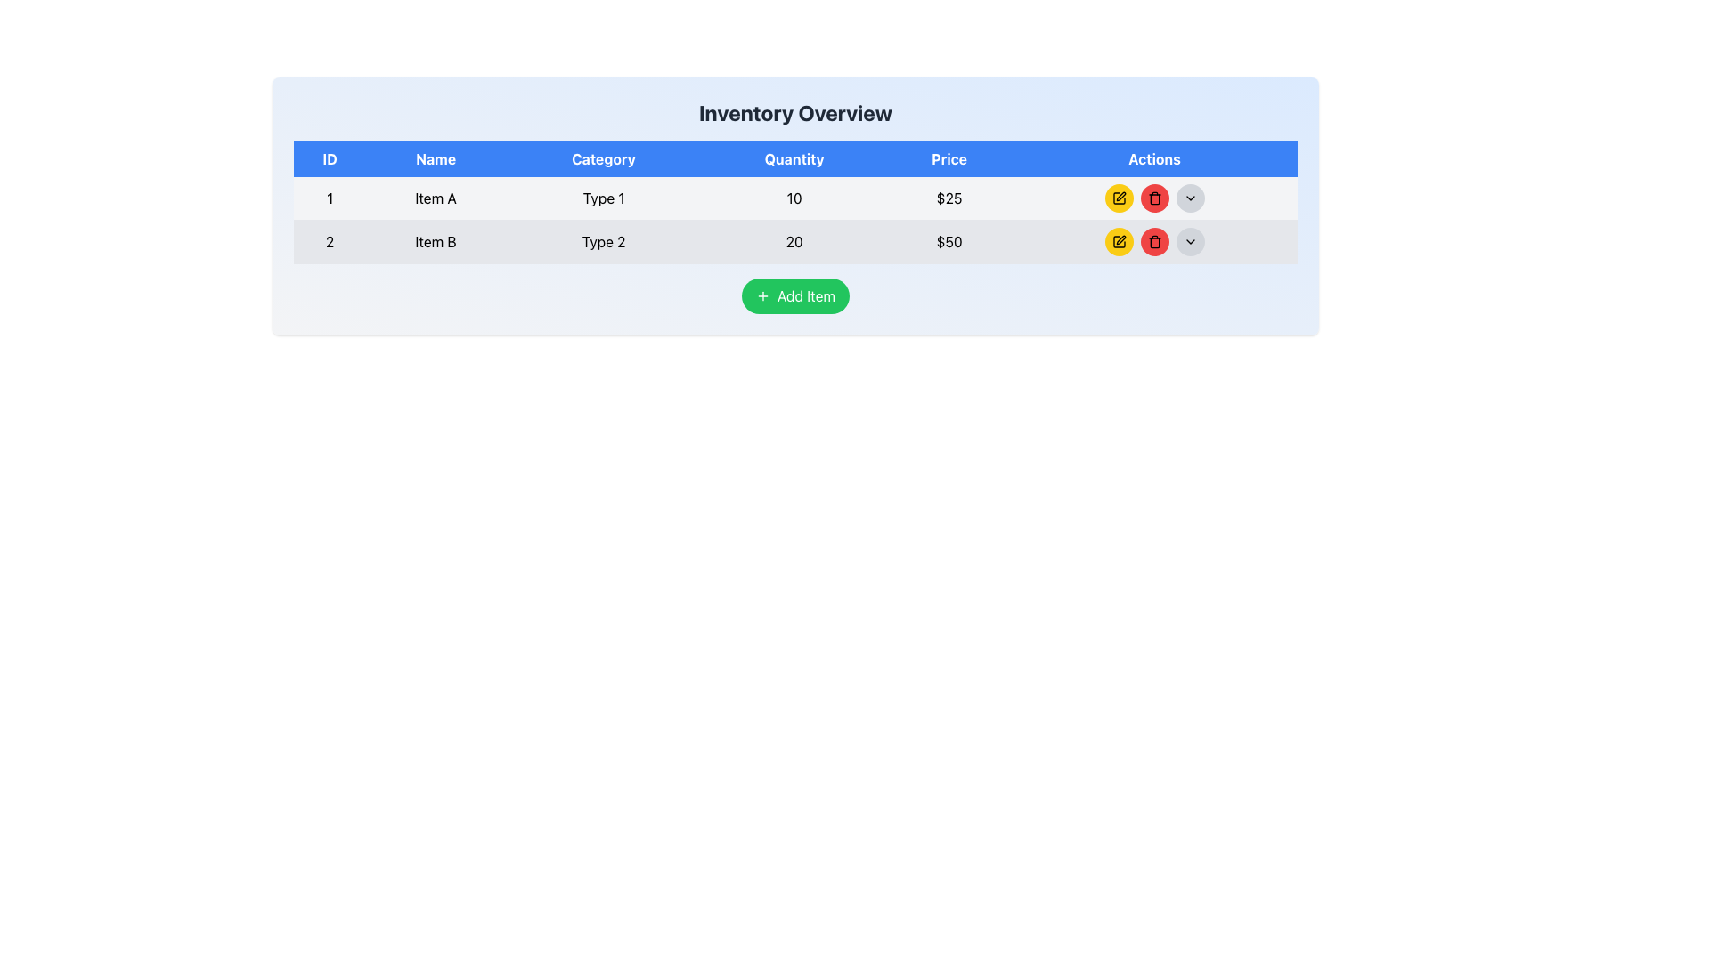  I want to click on the circular button with a yellow background in the Actions column of the first row in the table, which is used to initiate an editing action, so click(1118, 198).